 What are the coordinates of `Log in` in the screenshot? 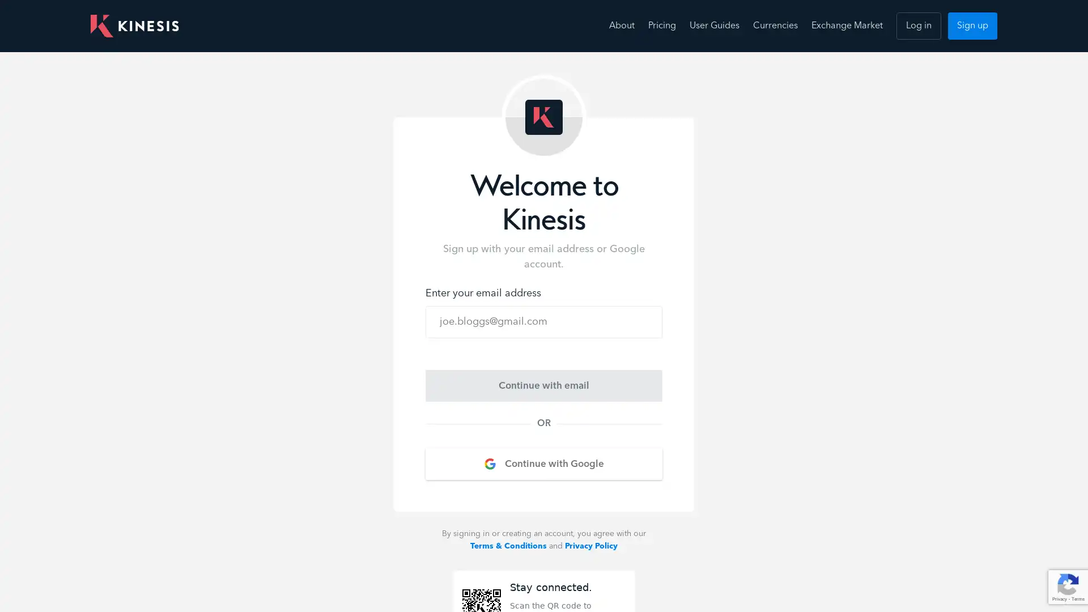 It's located at (919, 25).